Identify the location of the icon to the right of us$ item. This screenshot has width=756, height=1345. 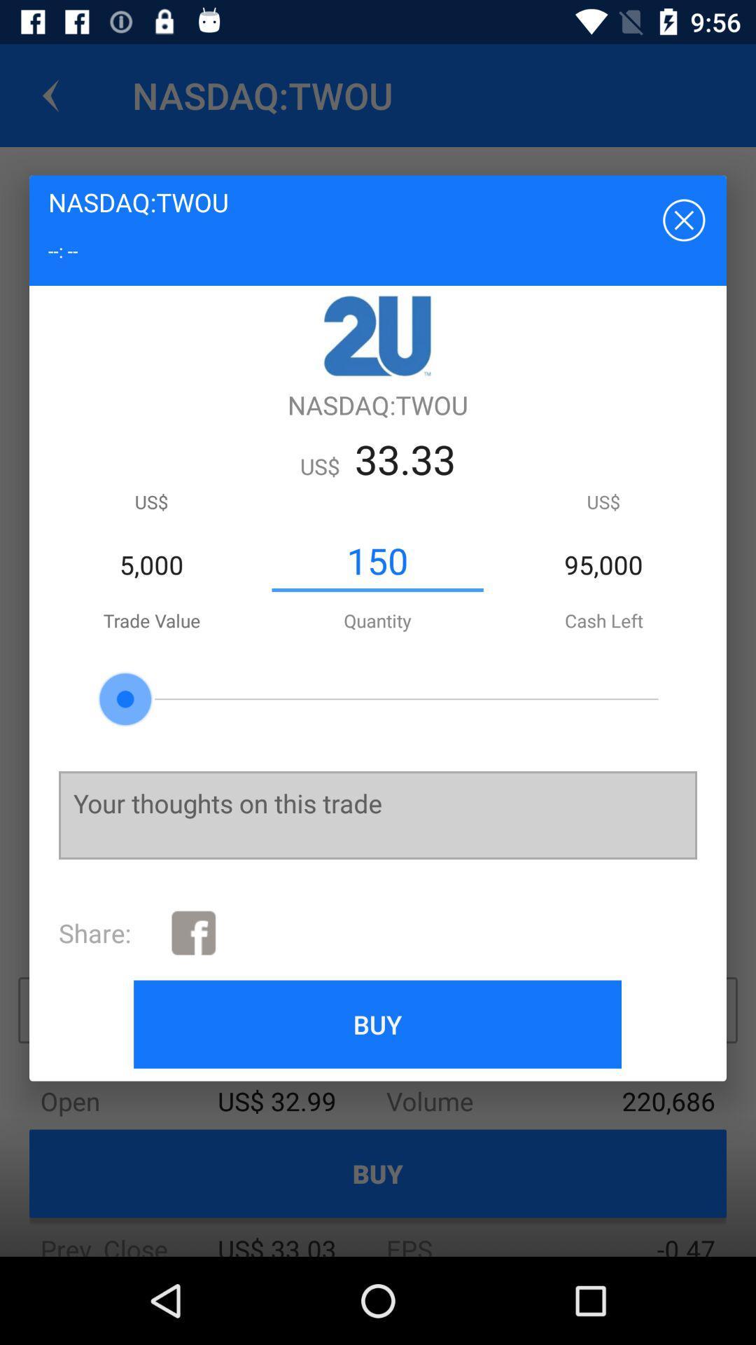
(377, 561).